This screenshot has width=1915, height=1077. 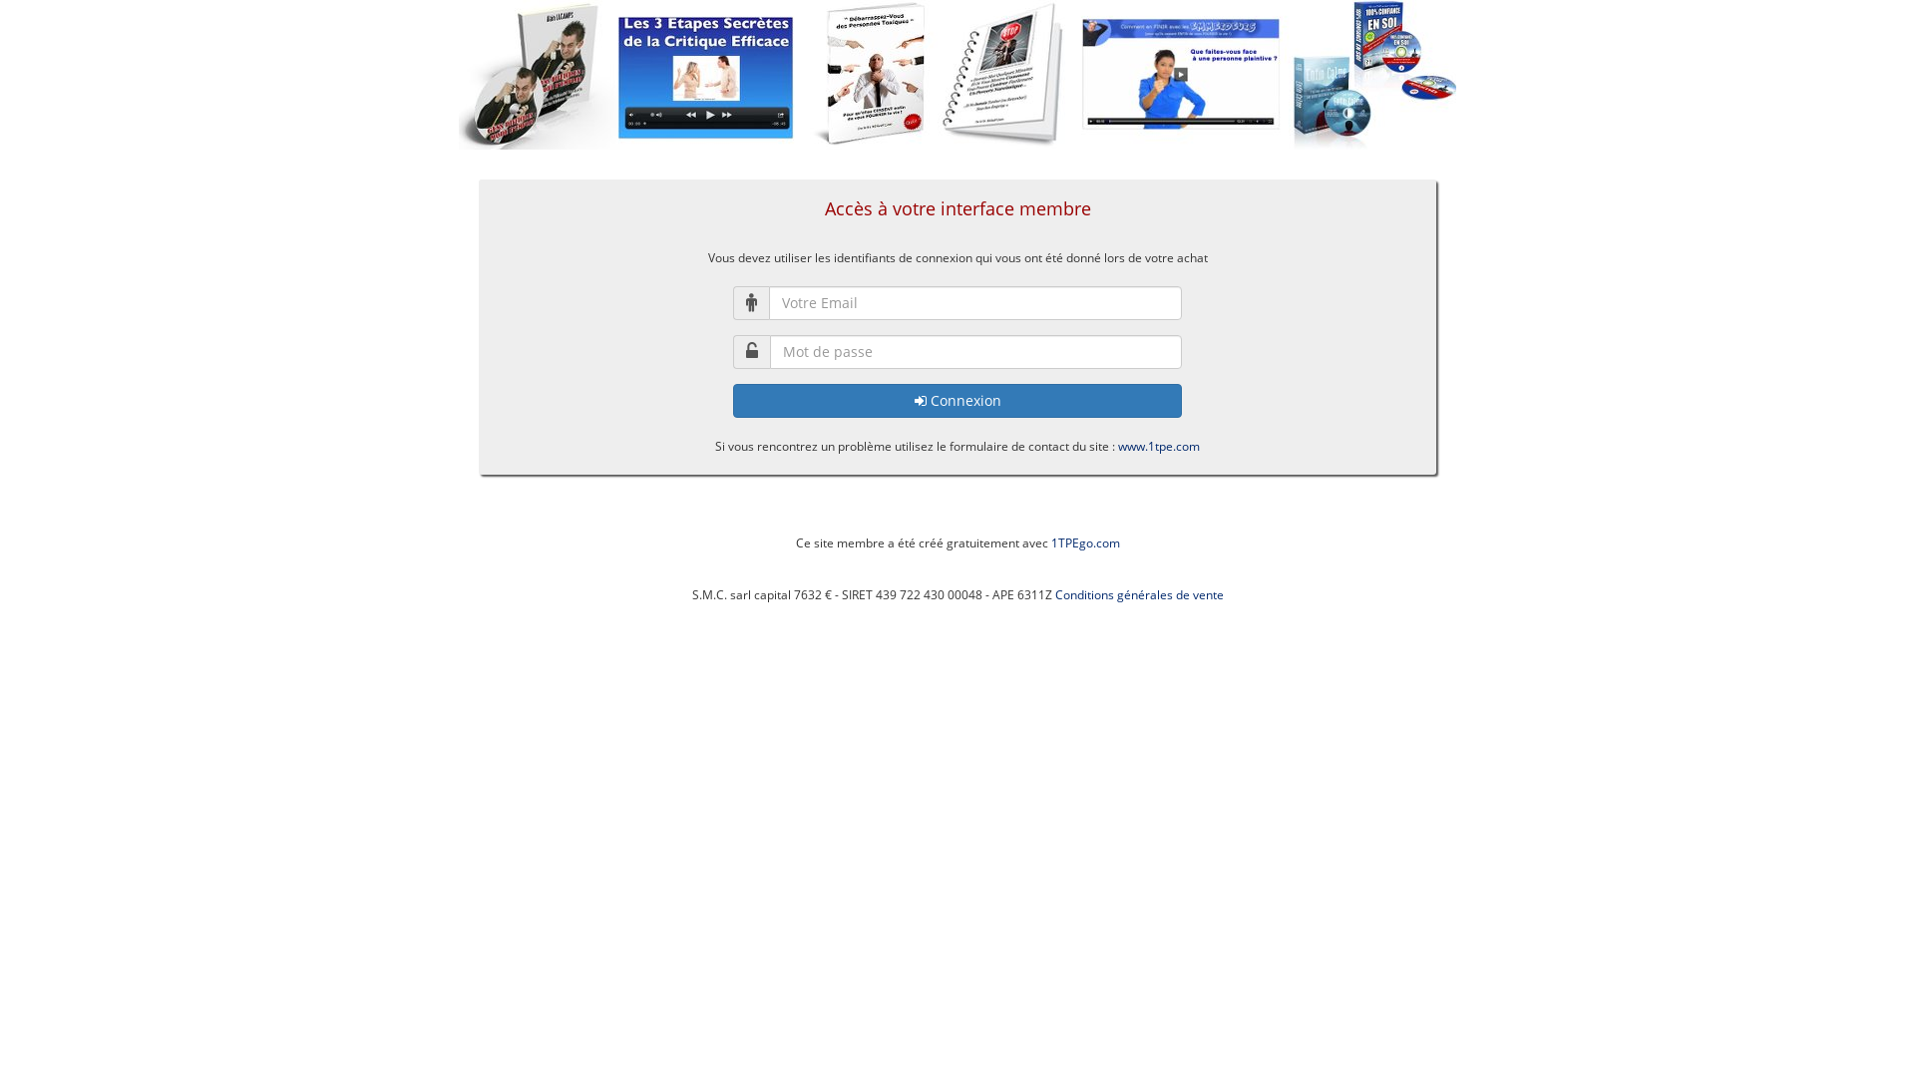 I want to click on 'Connexion', so click(x=957, y=400).